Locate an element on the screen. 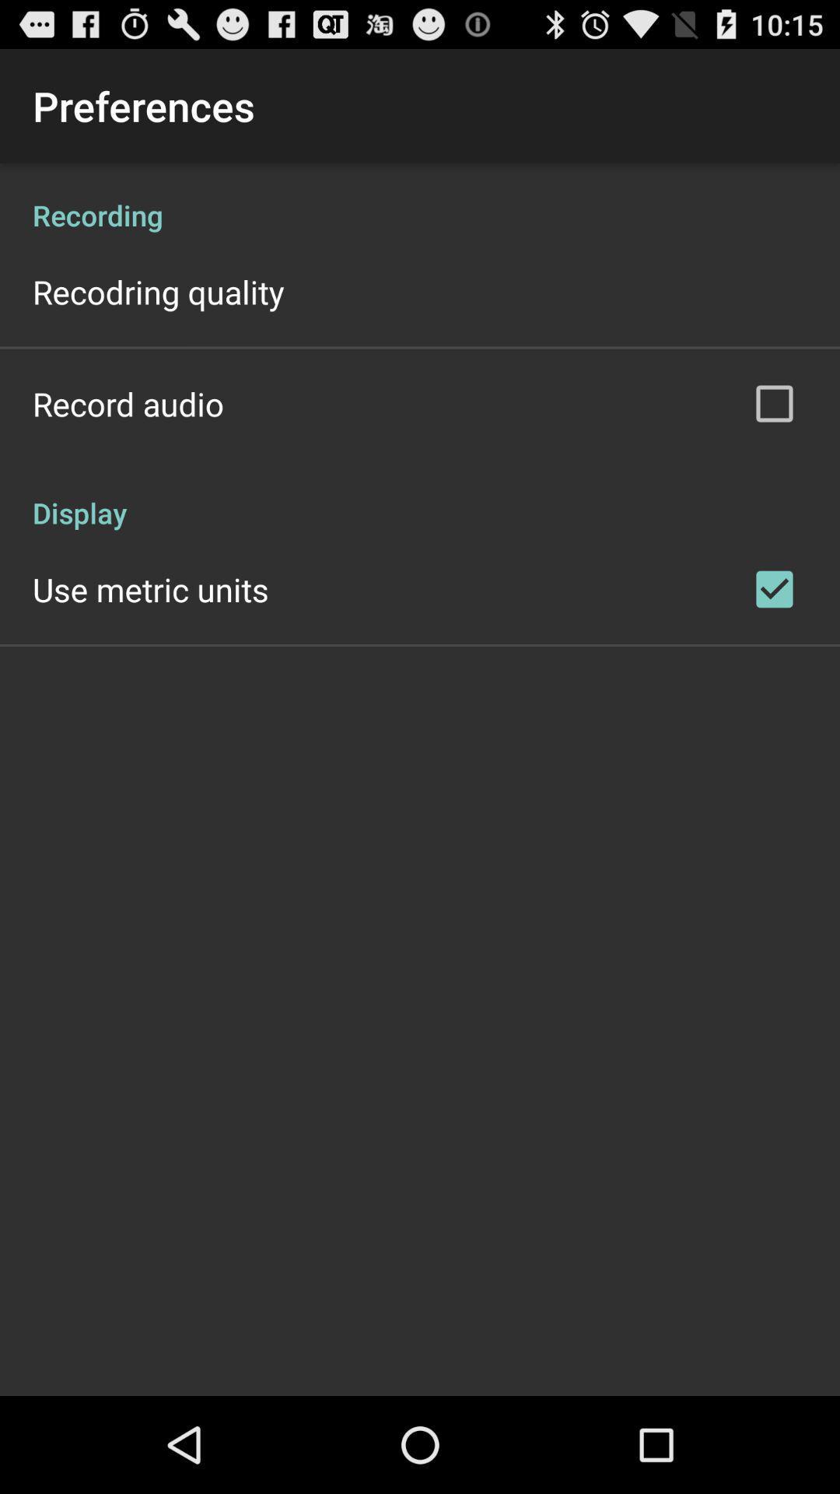 The image size is (840, 1494). the use metric units app is located at coordinates (150, 588).